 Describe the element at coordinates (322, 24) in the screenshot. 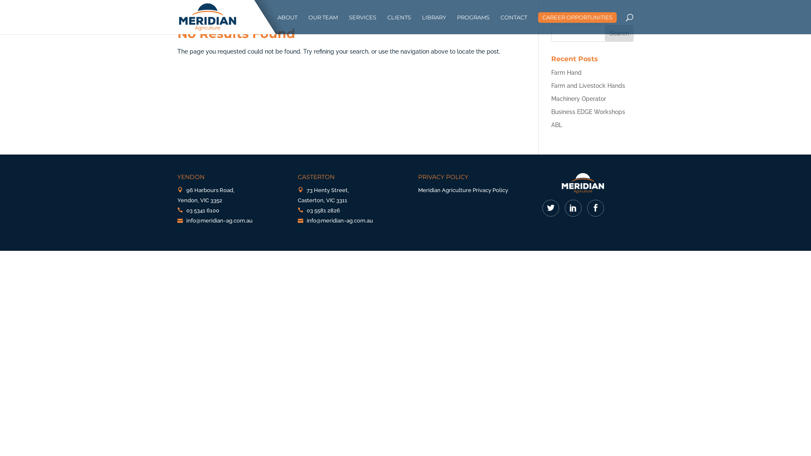

I see `'OUR TEAM'` at that location.